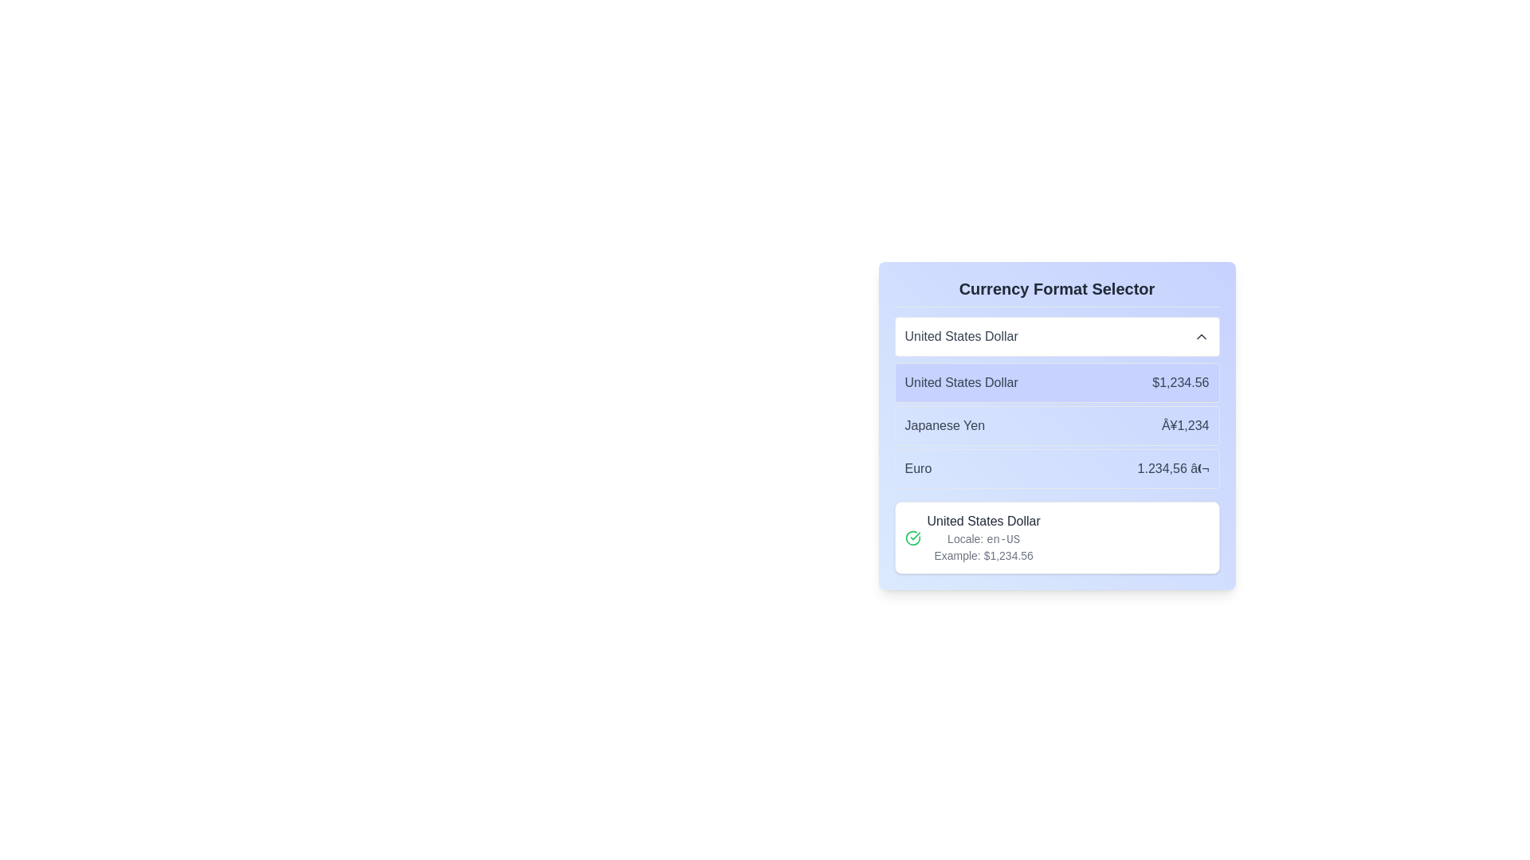 This screenshot has height=860, width=1530. Describe the element at coordinates (912, 537) in the screenshot. I see `the green circular icon with a checkmark inside, indicating a positive status, located near the currency-related description box in the lower contextual information area of the interface` at that location.